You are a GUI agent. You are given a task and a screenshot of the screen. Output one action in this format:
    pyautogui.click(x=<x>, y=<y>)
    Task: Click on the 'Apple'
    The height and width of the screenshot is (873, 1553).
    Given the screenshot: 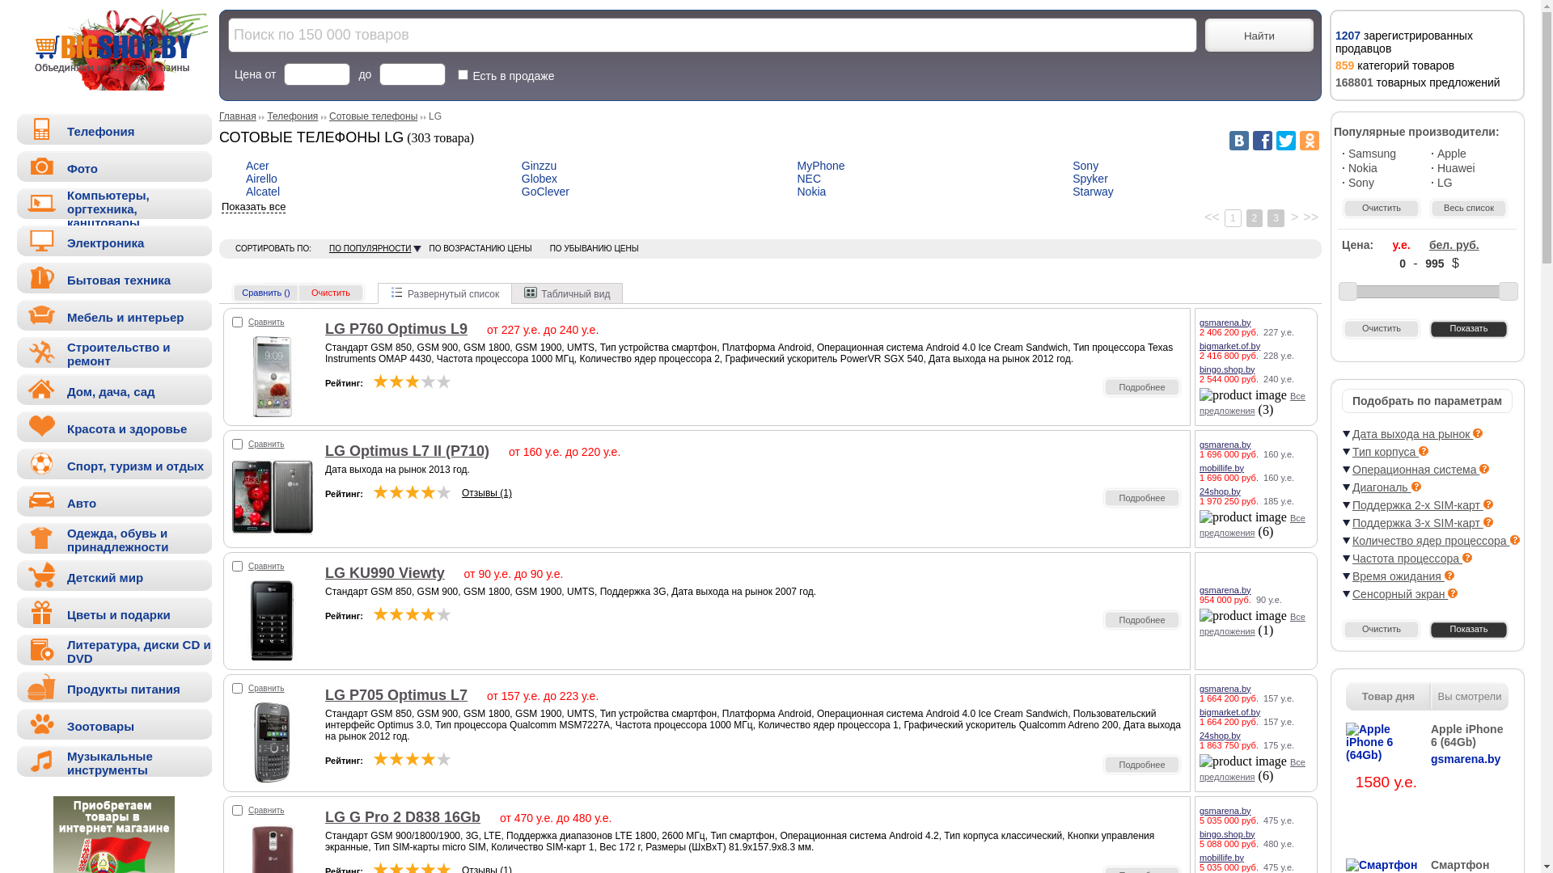 What is the action you would take?
    pyautogui.click(x=1428, y=153)
    